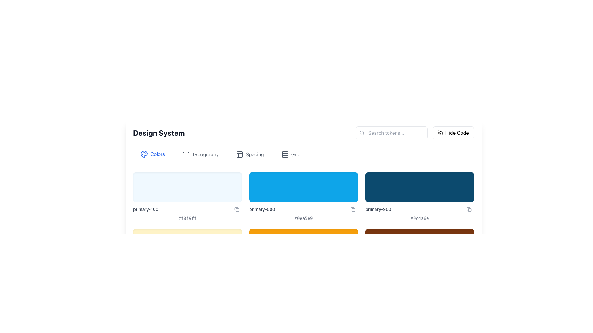 The width and height of the screenshot is (593, 333). Describe the element at coordinates (419, 197) in the screenshot. I see `the Color token display slot with a dark blue background, displaying 'primary-900' and the hexadecimal color code '#0c4a6e'` at that location.